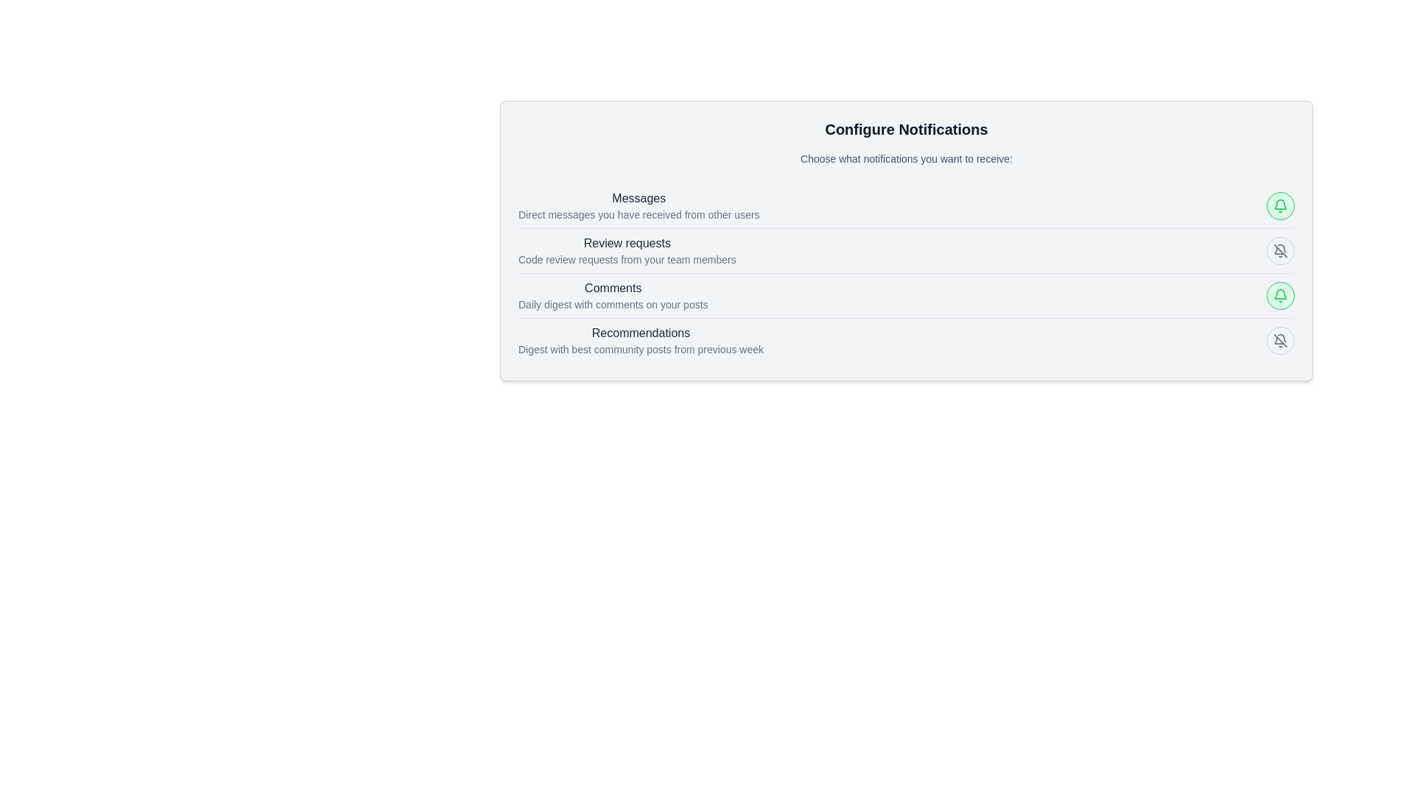 The height and width of the screenshot is (795, 1414). I want to click on the button that enables or disables notifications for the 'Recommendations' category, so click(1279, 340).